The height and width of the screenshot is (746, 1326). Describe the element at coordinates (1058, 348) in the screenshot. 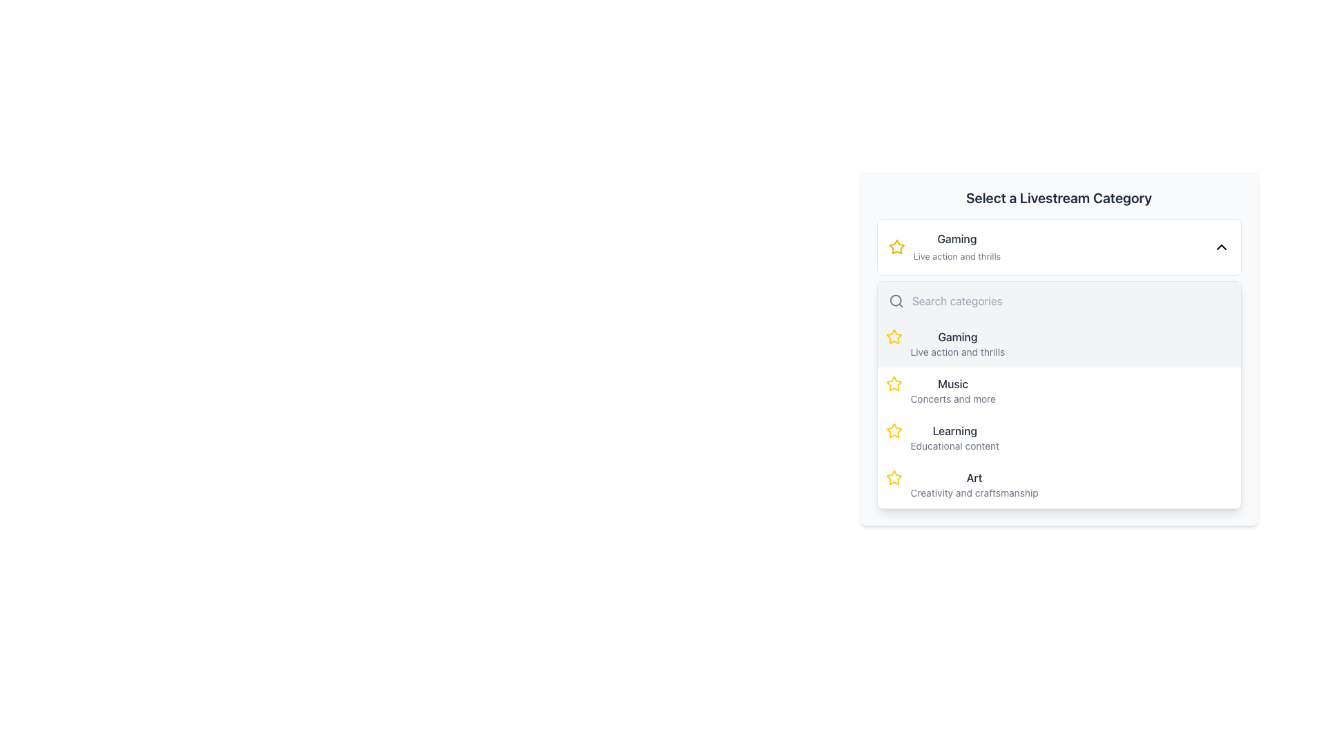

I see `the first selectable category item labeled 'Gaming' within the dropdown menu` at that location.